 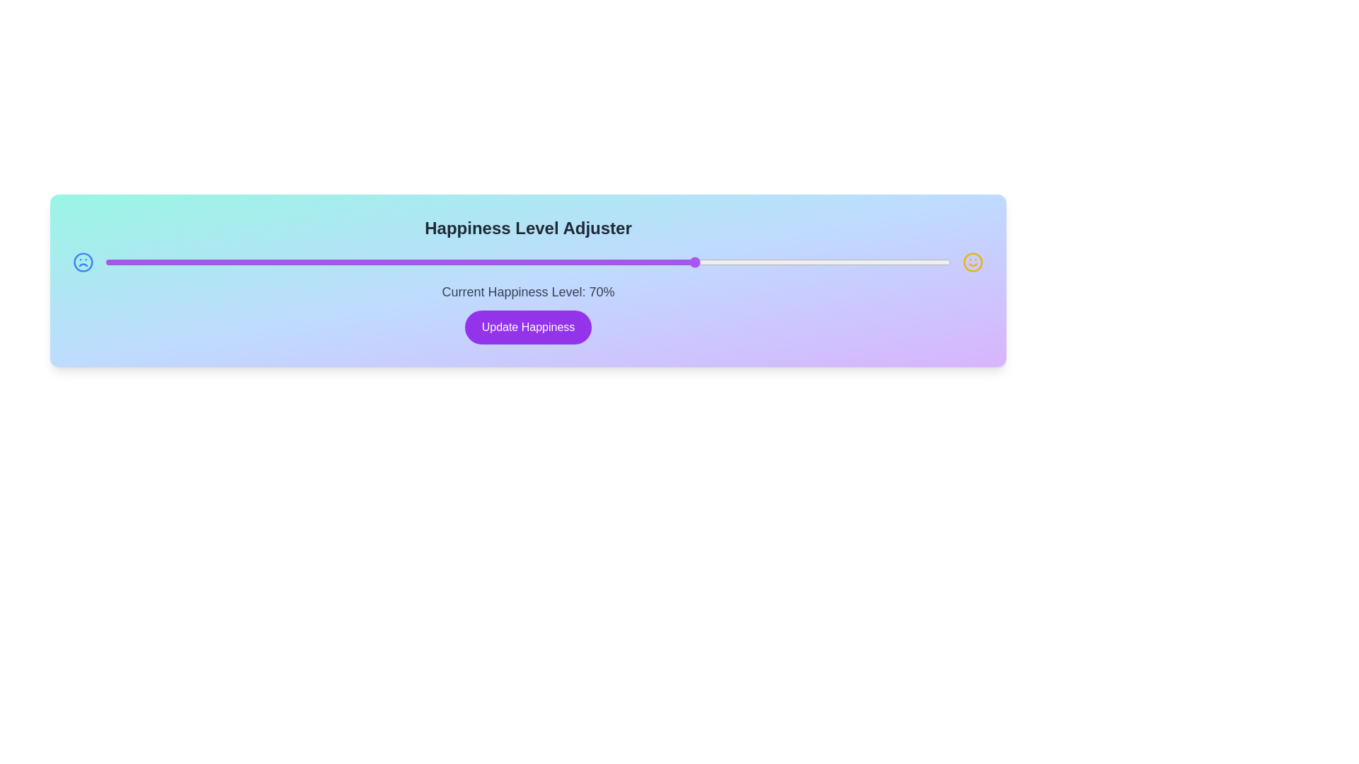 I want to click on the happiness level to 71% by moving the slider, so click(x=706, y=262).